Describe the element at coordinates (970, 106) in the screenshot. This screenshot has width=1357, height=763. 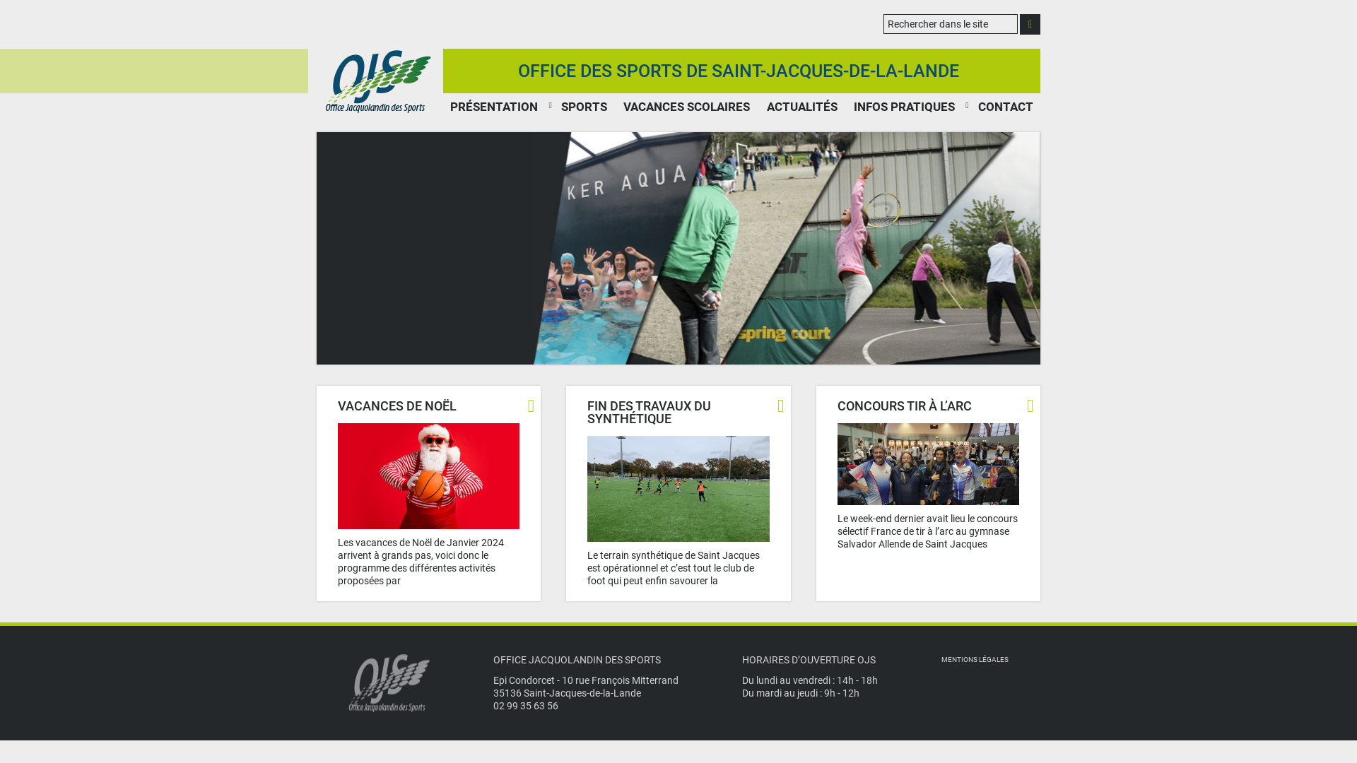
I see `'CONTACT'` at that location.